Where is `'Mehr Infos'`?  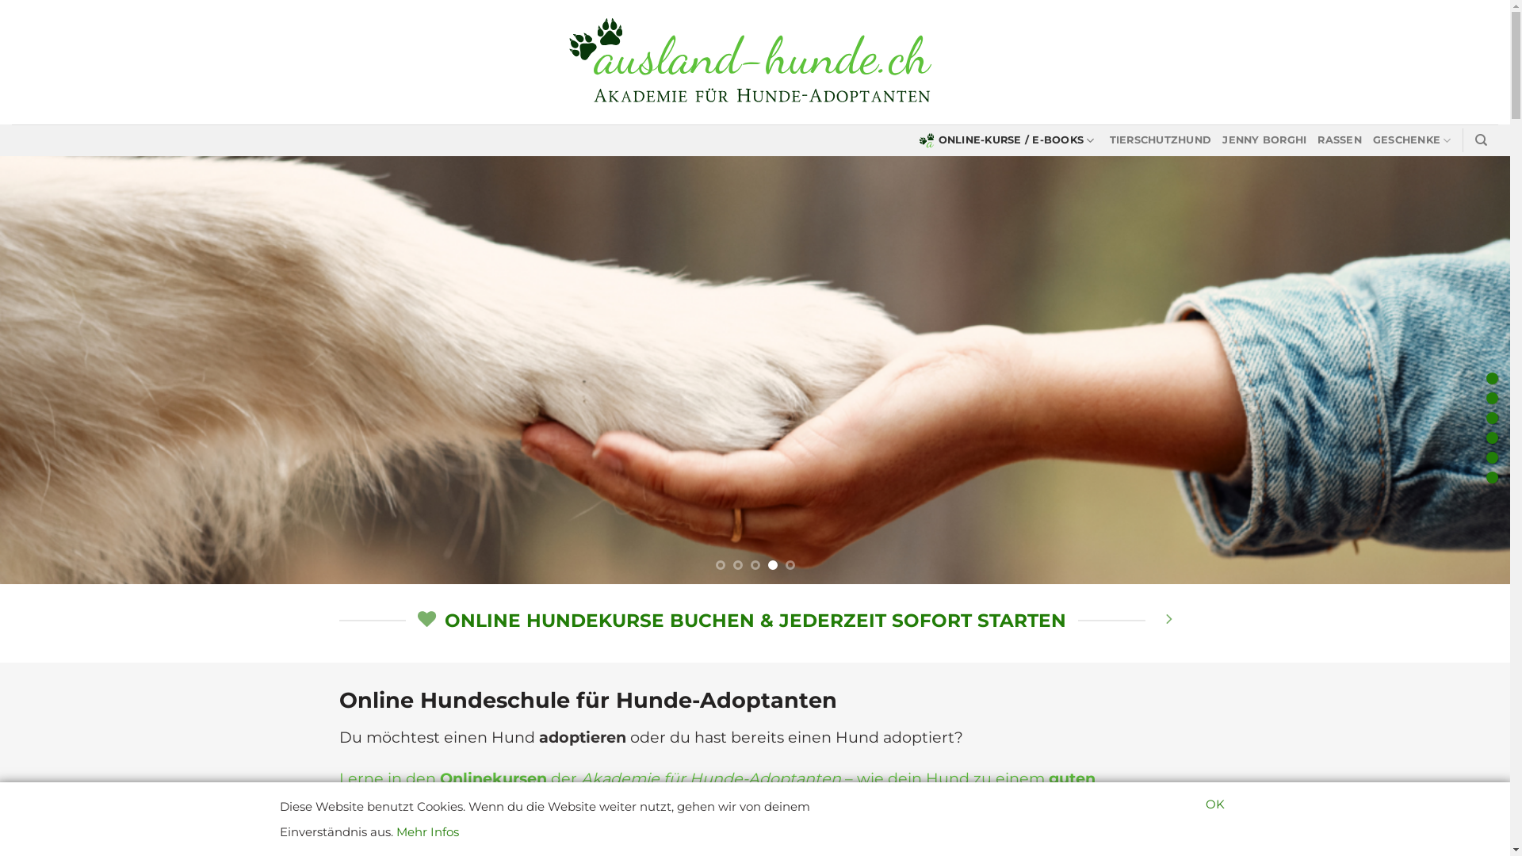
'Mehr Infos' is located at coordinates (396, 831).